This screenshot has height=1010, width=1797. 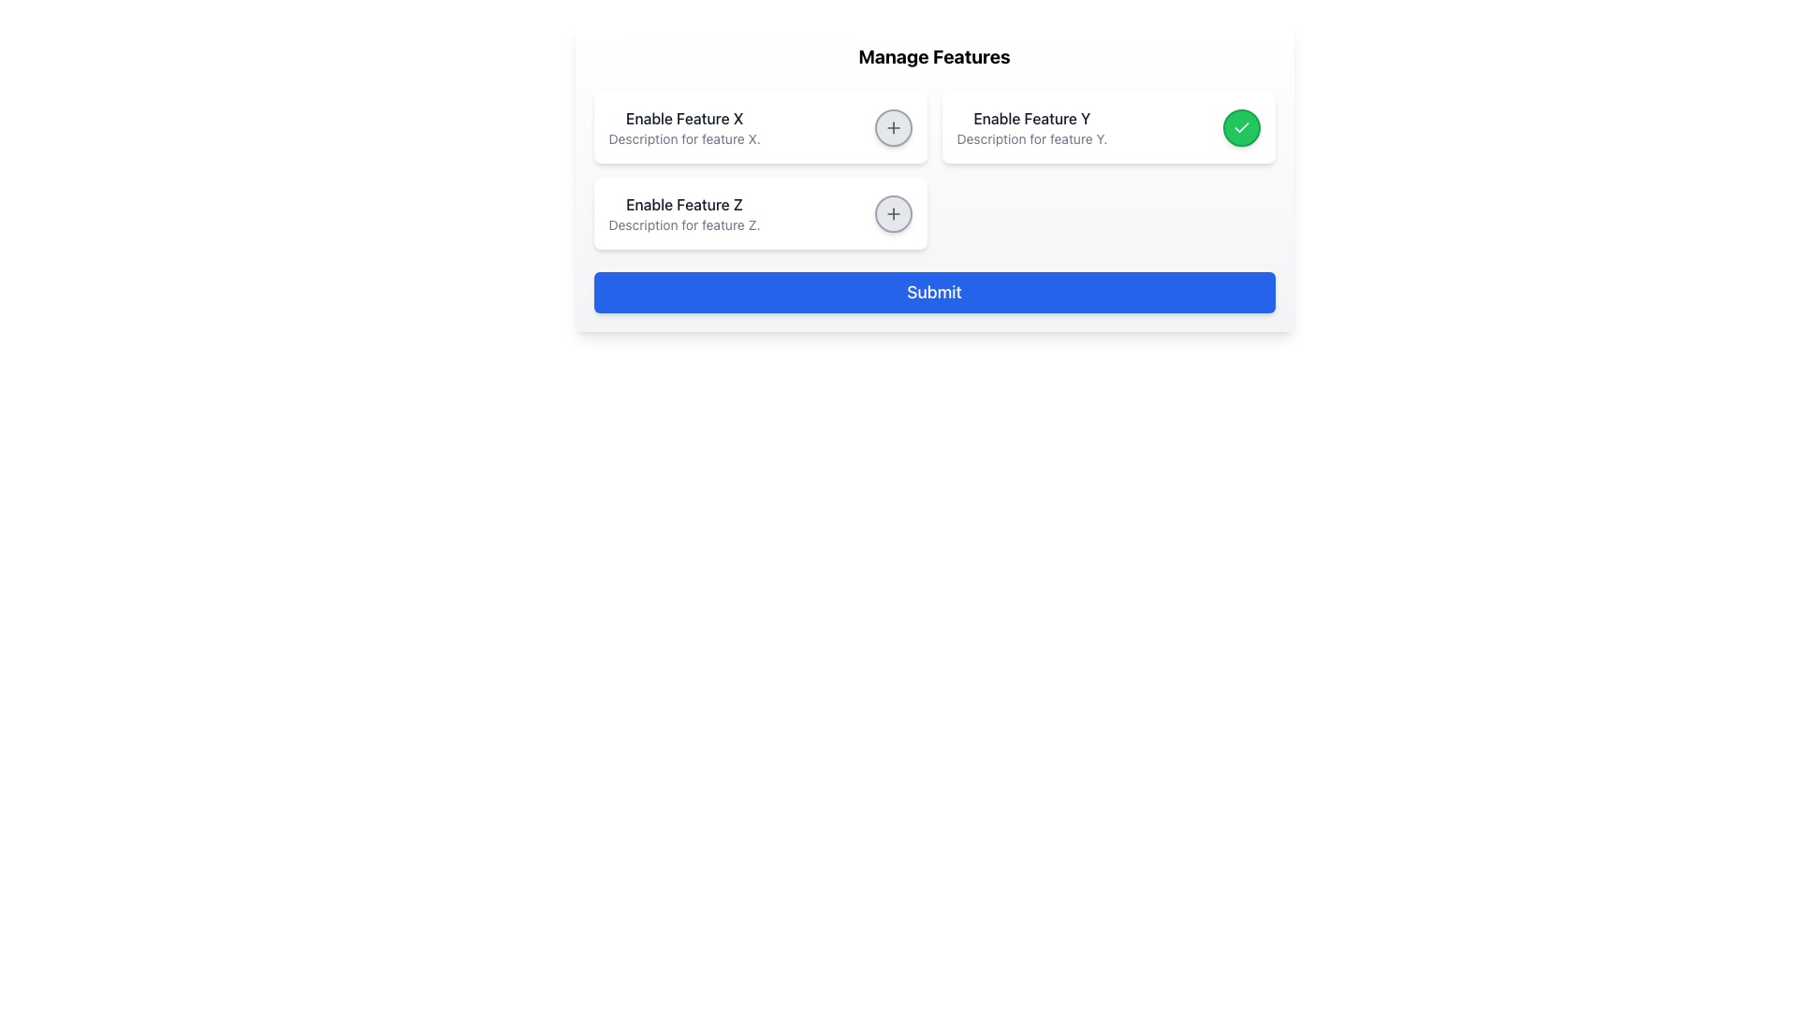 What do you see at coordinates (1241, 127) in the screenshot?
I see `the checkmark icon within the green circular background located at the top right corner of the 'Enable Feature Y' card` at bounding box center [1241, 127].